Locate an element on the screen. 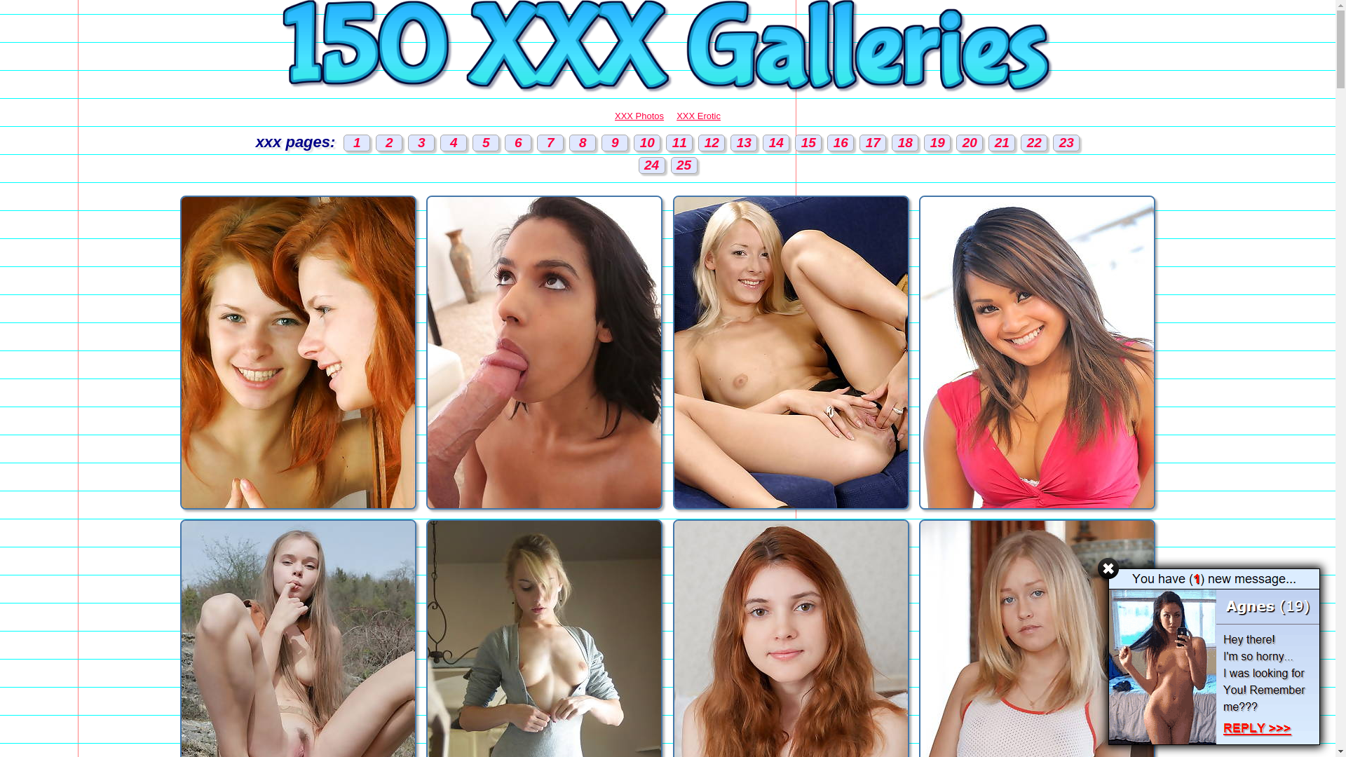  '11' is located at coordinates (679, 143).